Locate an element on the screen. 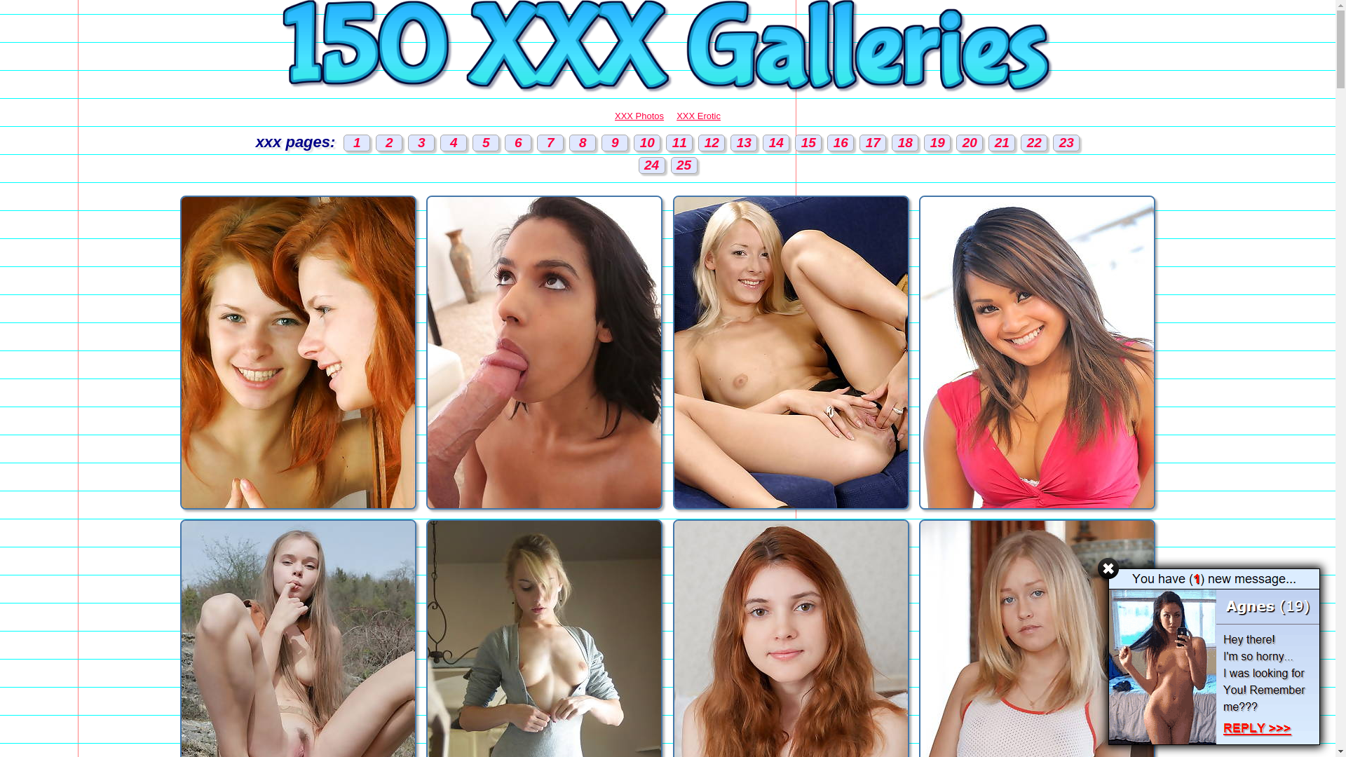  '11' is located at coordinates (679, 143).